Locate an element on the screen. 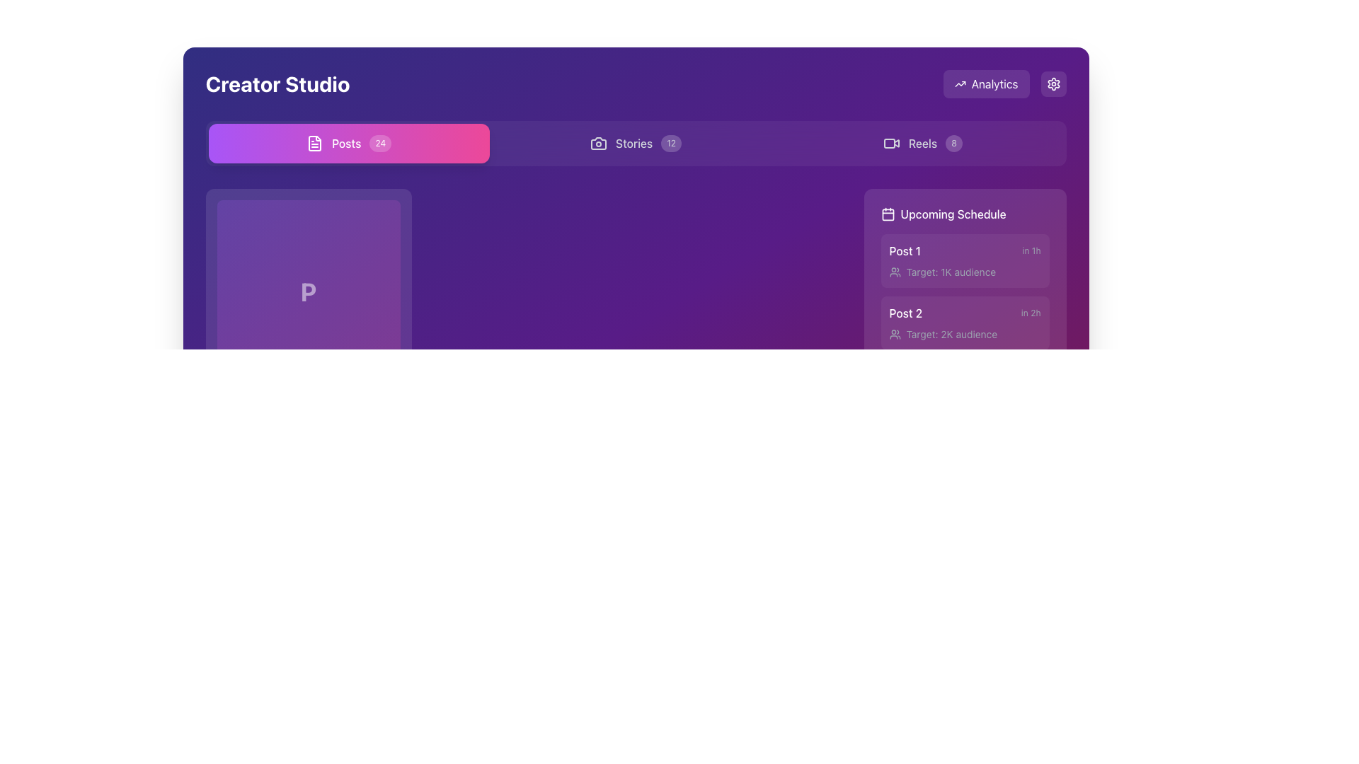  the settings IconButton located at the top-right corner of the interface is located at coordinates (1053, 84).